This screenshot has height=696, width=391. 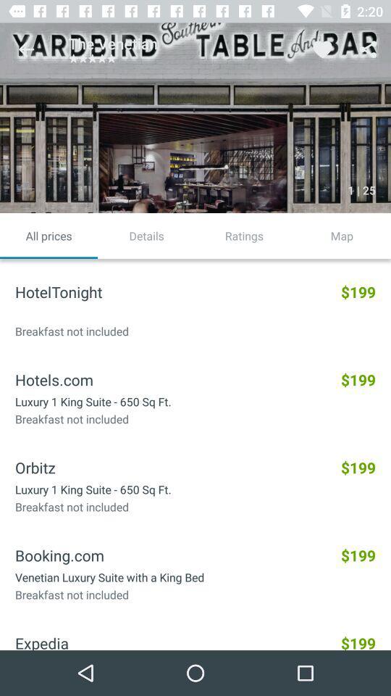 I want to click on the icon next to the the venetian item, so click(x=26, y=49).